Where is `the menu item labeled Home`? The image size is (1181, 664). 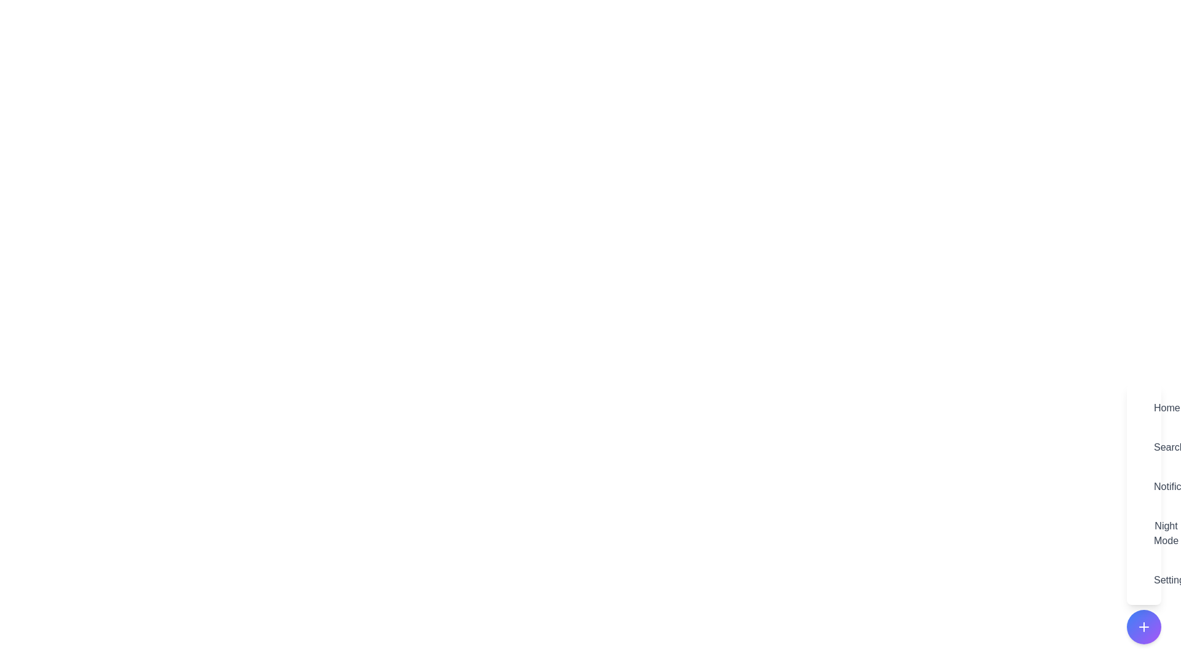 the menu item labeled Home is located at coordinates (1143, 408).